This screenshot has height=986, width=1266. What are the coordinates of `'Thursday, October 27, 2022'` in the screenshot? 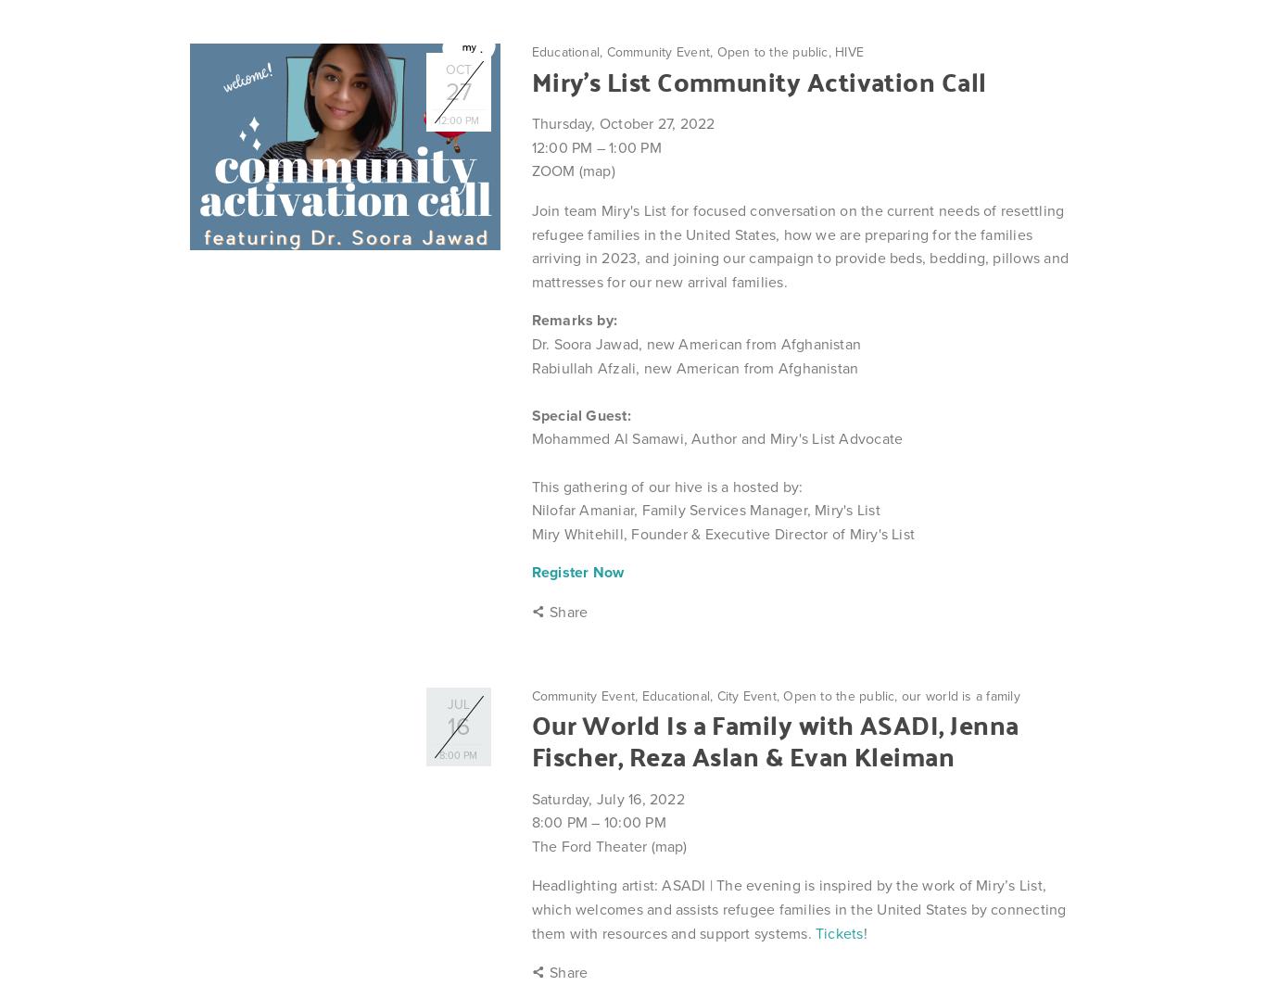 It's located at (621, 123).